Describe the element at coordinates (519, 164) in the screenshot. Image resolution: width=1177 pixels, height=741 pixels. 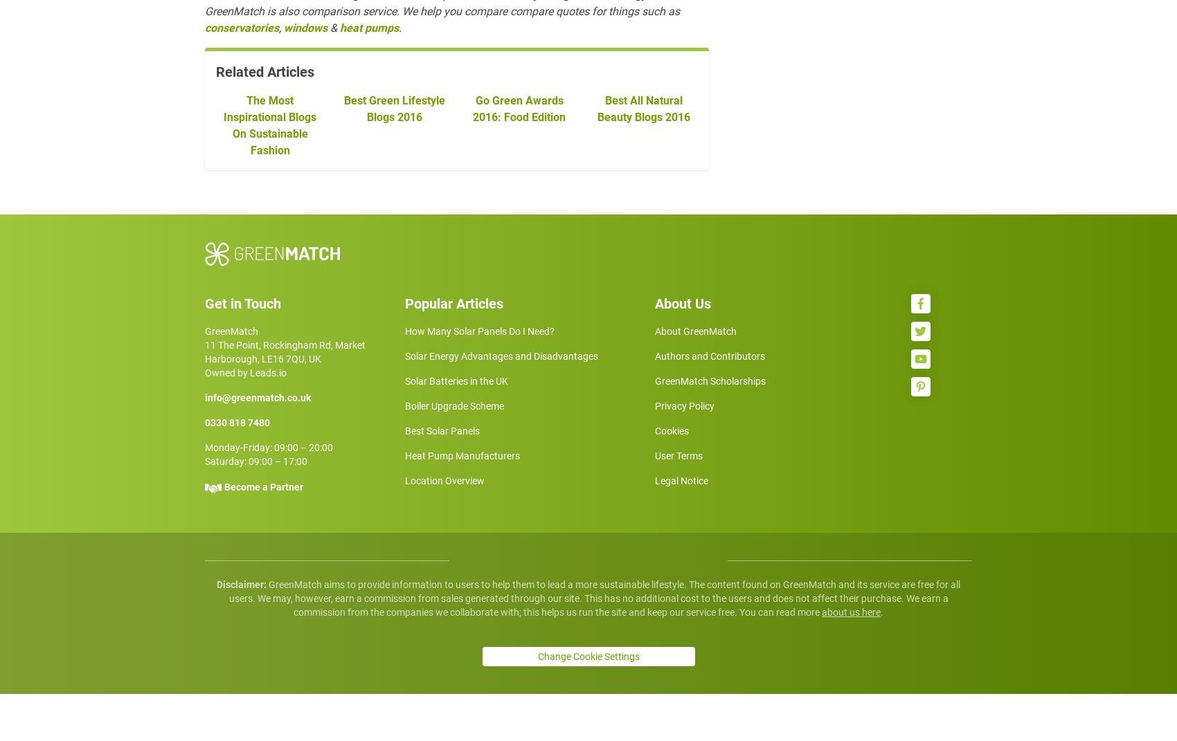
I see `'Go Green Awards 2016: Food Edition'` at that location.